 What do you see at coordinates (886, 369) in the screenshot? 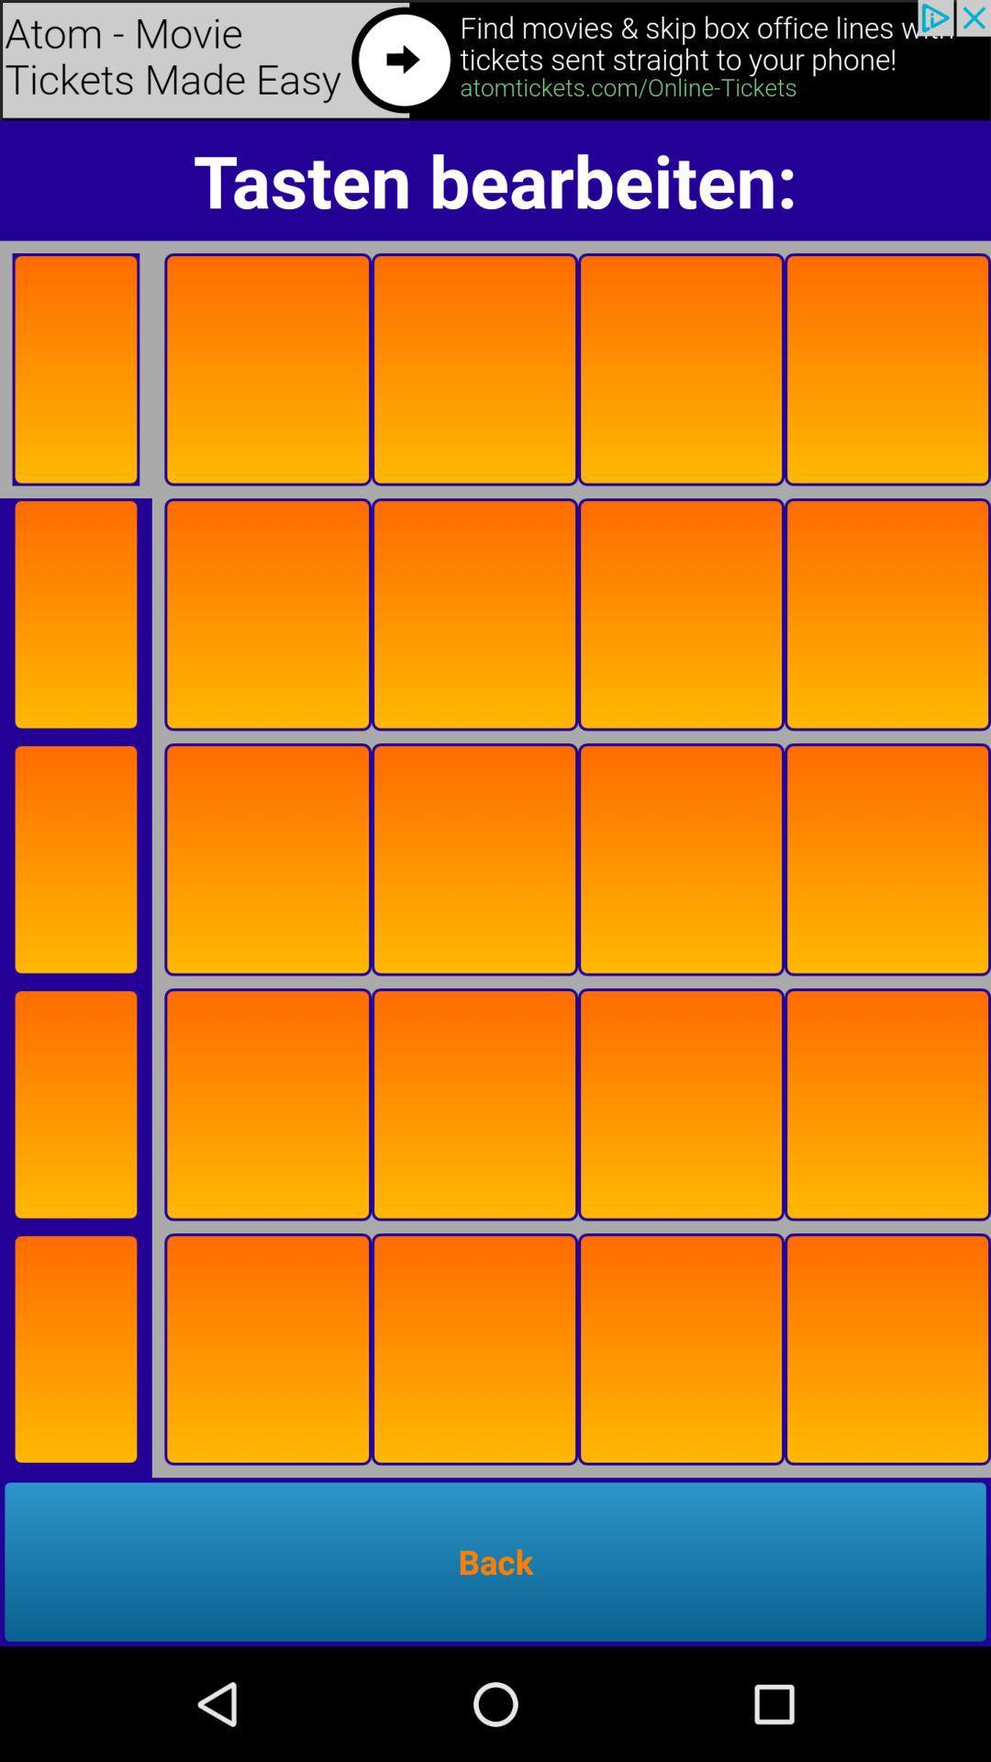
I see `move to the fifth box in the first row` at bounding box center [886, 369].